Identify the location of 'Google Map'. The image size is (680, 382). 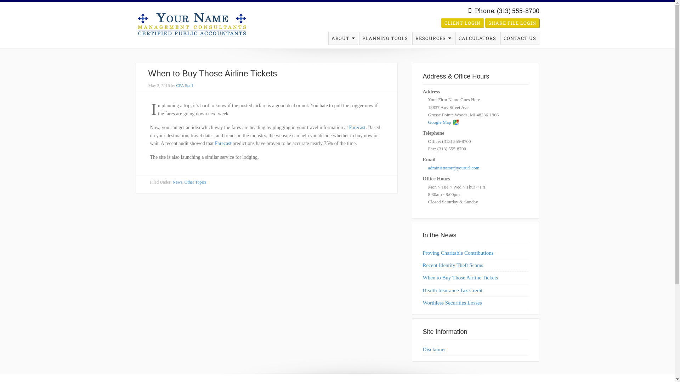
(443, 122).